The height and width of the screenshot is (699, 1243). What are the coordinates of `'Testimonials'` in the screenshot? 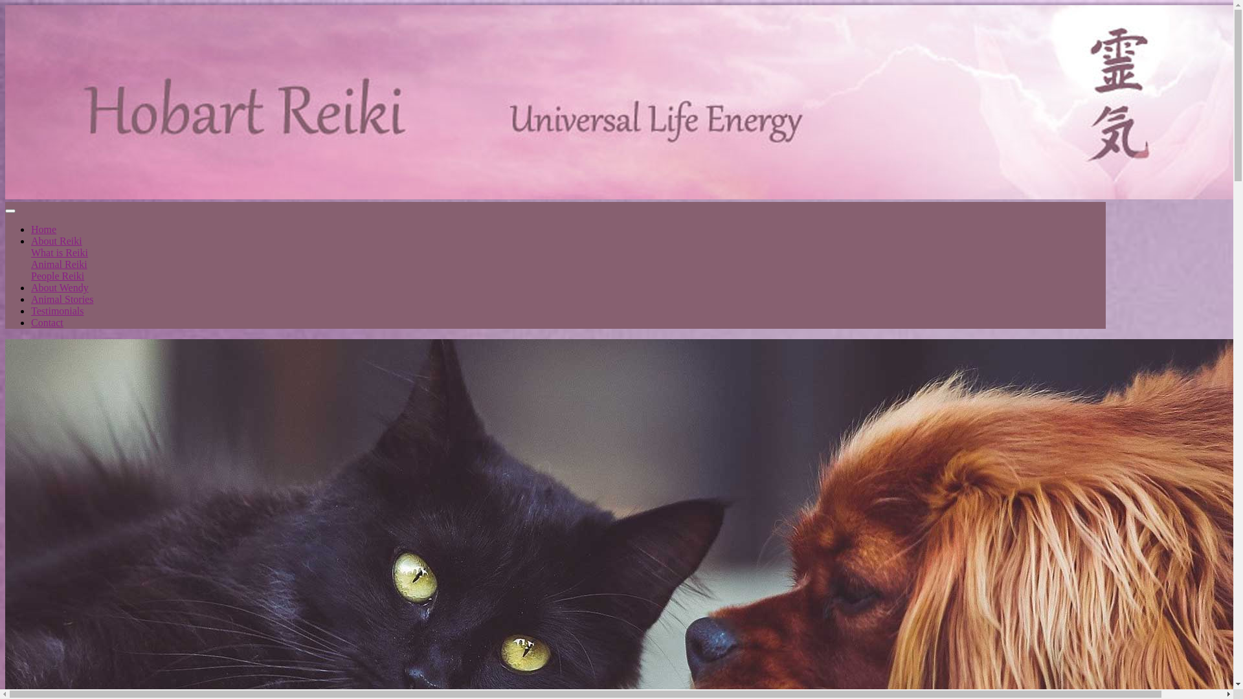 It's located at (57, 311).